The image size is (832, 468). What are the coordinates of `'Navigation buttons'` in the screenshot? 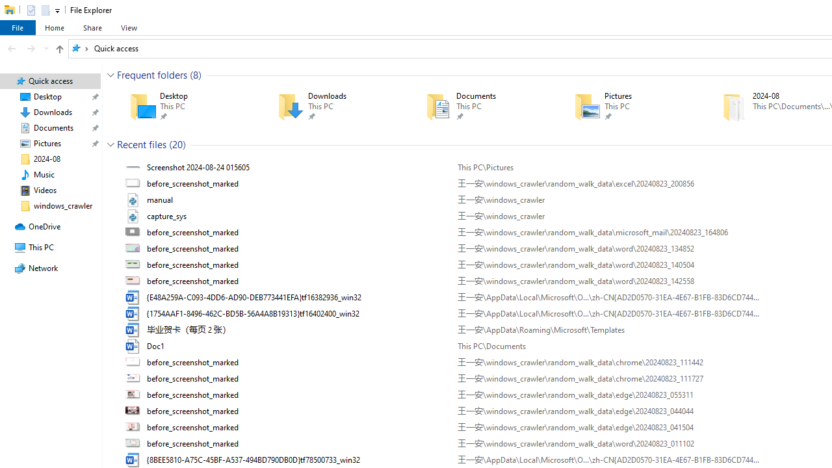 It's located at (26, 47).